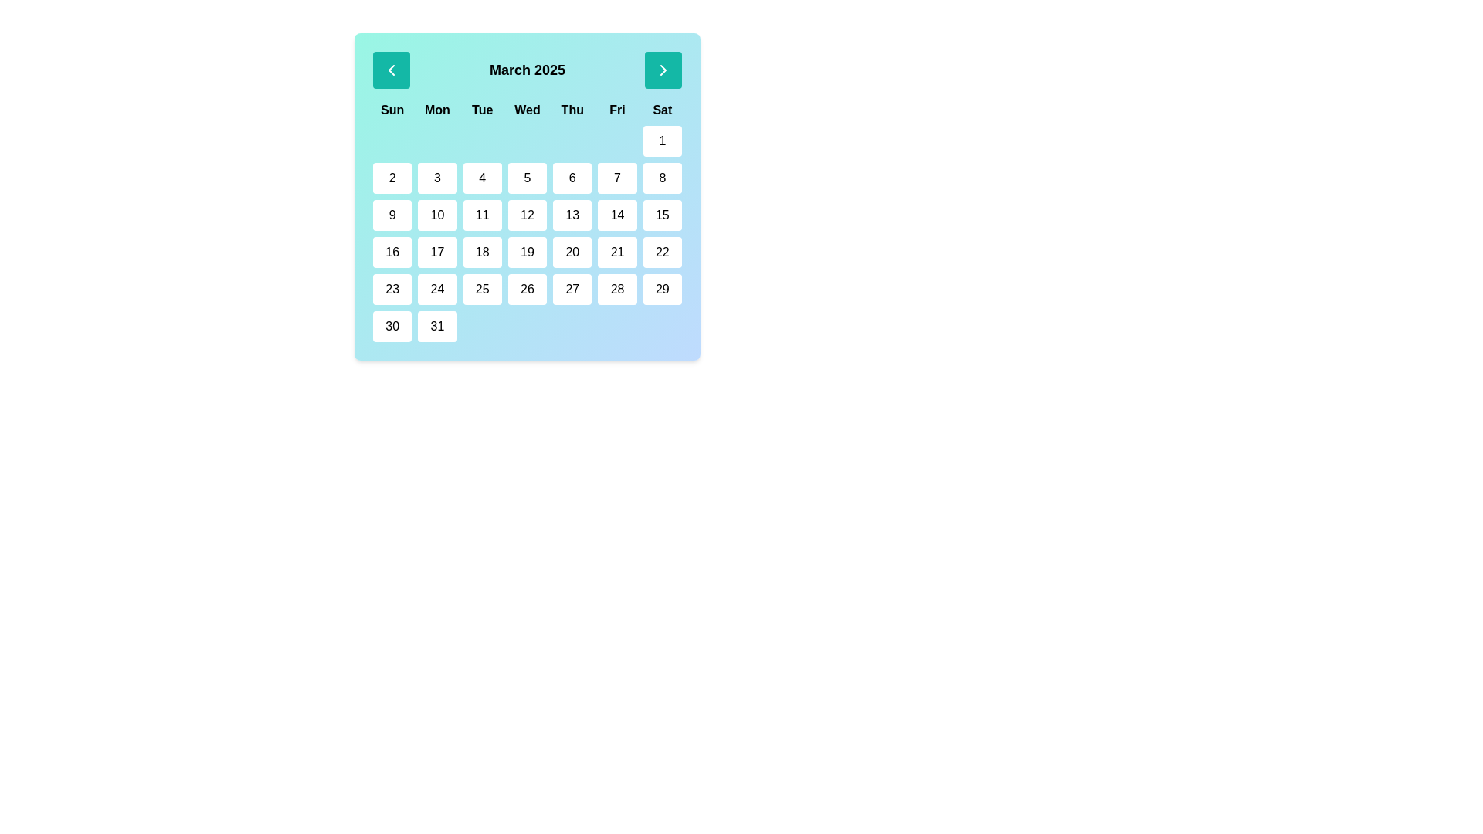  What do you see at coordinates (392, 141) in the screenshot?
I see `the first empty cell in the 'Sun' column of the calendar layout, which serves as a placeholder in the grid` at bounding box center [392, 141].